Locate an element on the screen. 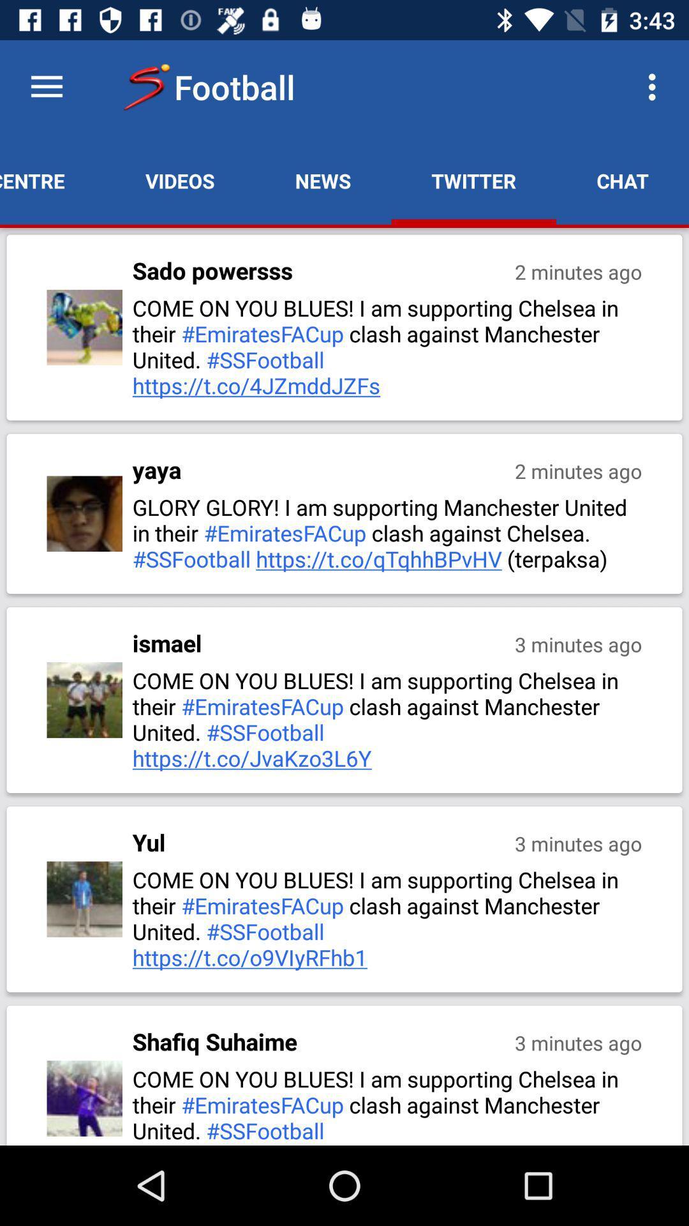 Image resolution: width=689 pixels, height=1226 pixels. open menu is located at coordinates (46, 86).